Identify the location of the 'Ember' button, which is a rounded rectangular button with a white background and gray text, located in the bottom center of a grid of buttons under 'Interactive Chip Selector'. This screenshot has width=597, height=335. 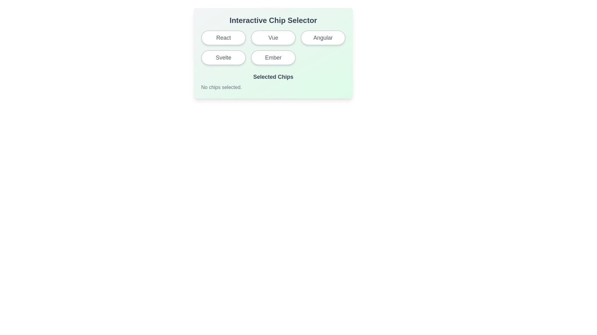
(273, 53).